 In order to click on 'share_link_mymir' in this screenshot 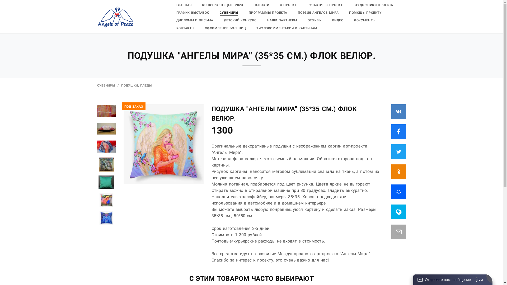, I will do `click(399, 192)`.